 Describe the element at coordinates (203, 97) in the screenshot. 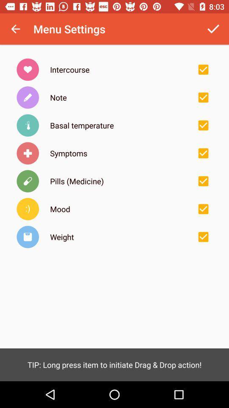

I see `note` at that location.